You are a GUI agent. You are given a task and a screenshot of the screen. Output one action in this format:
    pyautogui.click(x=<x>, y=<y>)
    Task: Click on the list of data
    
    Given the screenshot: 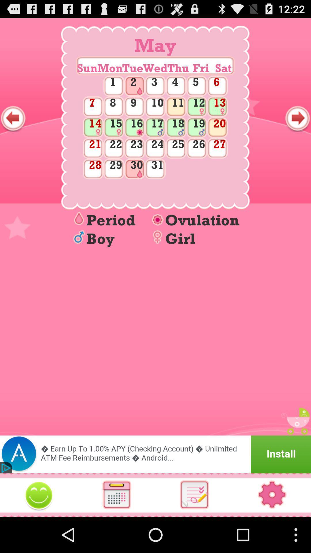 What is the action you would take?
    pyautogui.click(x=194, y=495)
    